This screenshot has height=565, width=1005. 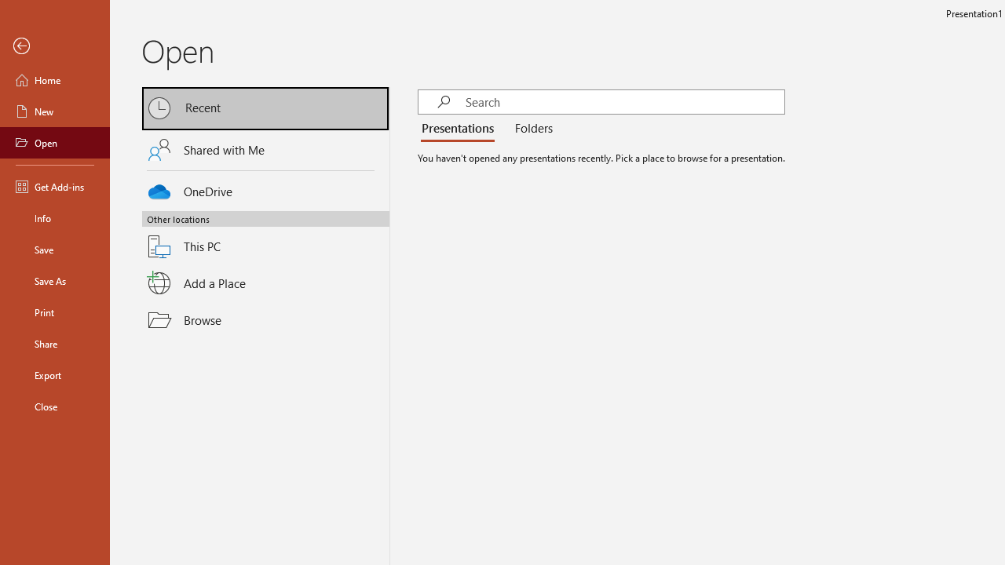 What do you see at coordinates (265, 188) in the screenshot?
I see `'OneDrive'` at bounding box center [265, 188].